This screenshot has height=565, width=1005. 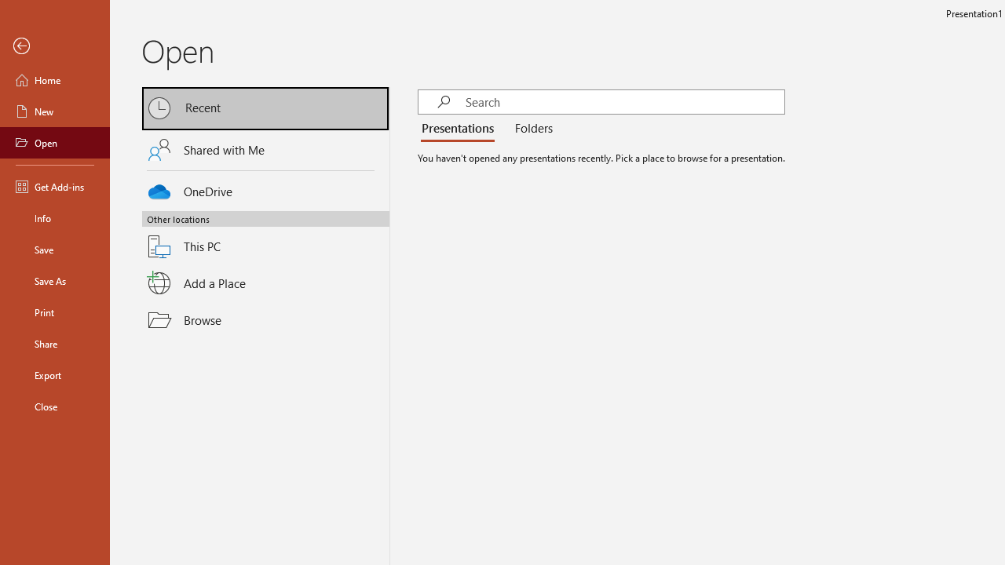 What do you see at coordinates (265, 188) in the screenshot?
I see `'OneDrive'` at bounding box center [265, 188].